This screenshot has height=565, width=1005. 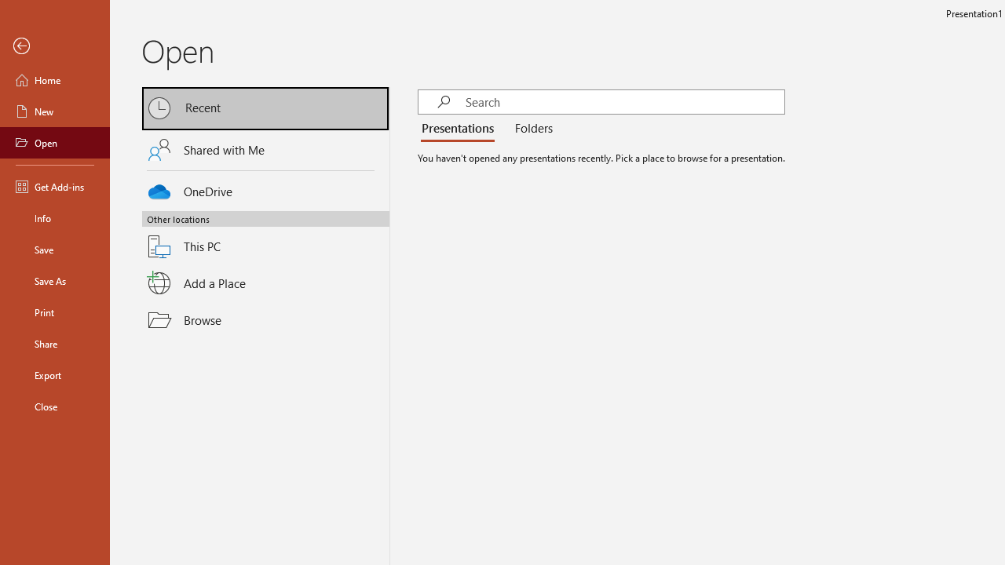 What do you see at coordinates (265, 188) in the screenshot?
I see `'OneDrive'` at bounding box center [265, 188].